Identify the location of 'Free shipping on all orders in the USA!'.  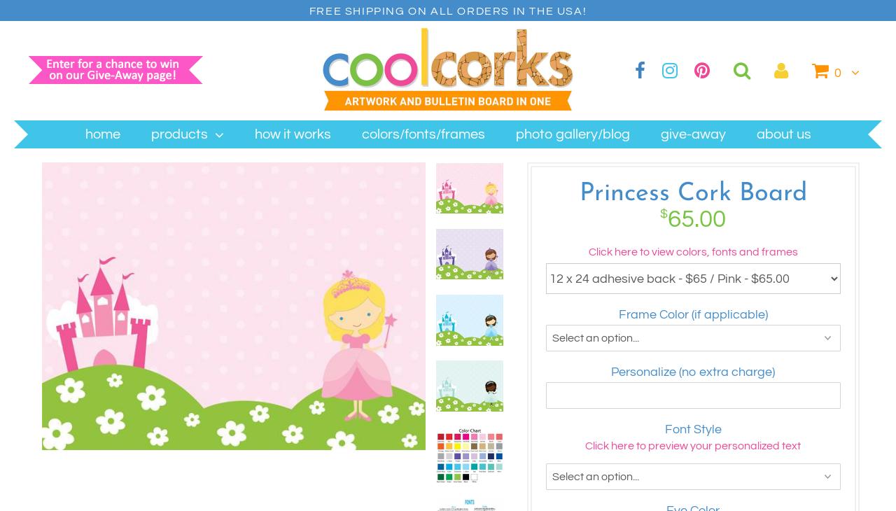
(447, 10).